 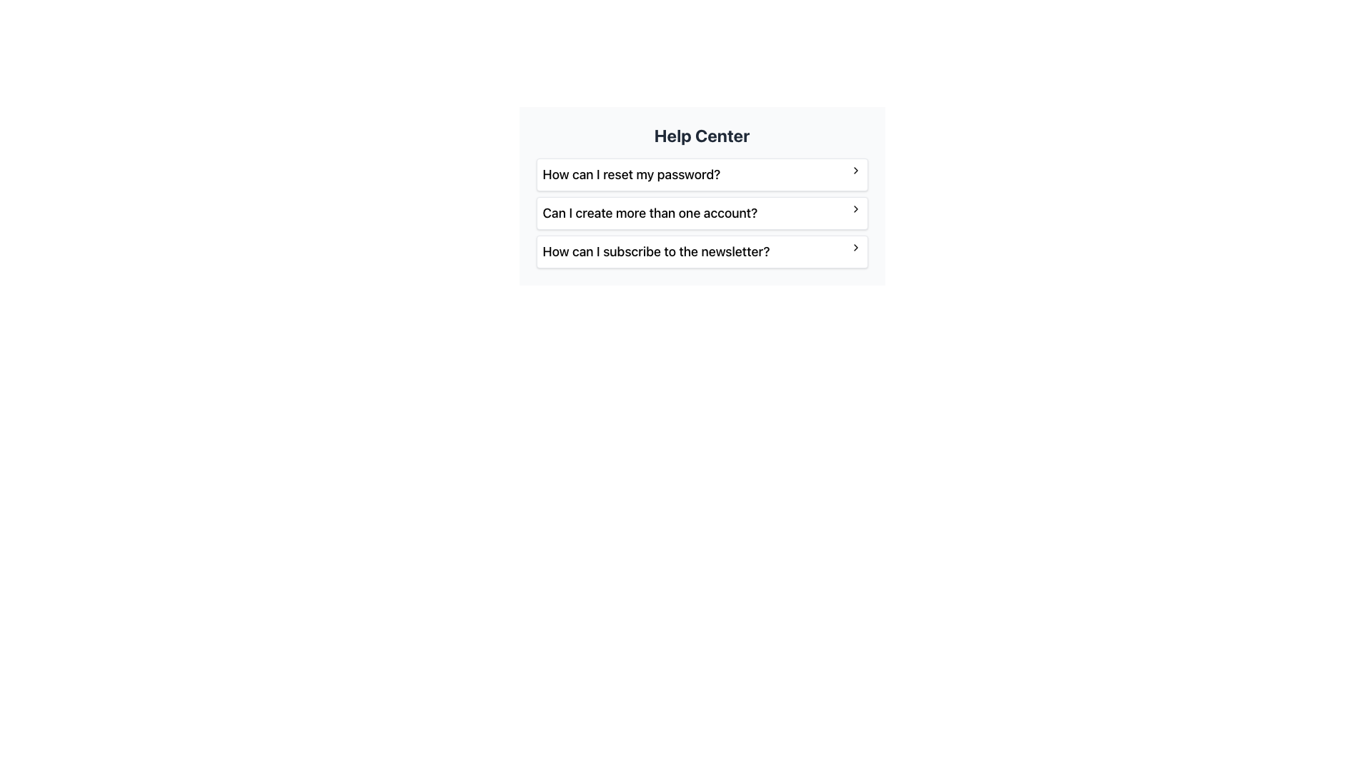 I want to click on the third FAQ entry that reads 'How can I subscribe to the newsletter?', so click(x=702, y=251).